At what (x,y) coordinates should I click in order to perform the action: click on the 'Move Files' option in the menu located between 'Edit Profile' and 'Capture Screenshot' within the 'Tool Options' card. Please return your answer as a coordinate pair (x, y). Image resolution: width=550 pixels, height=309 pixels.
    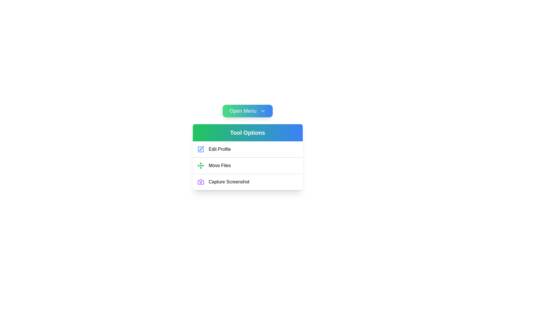
    Looking at the image, I should click on (247, 165).